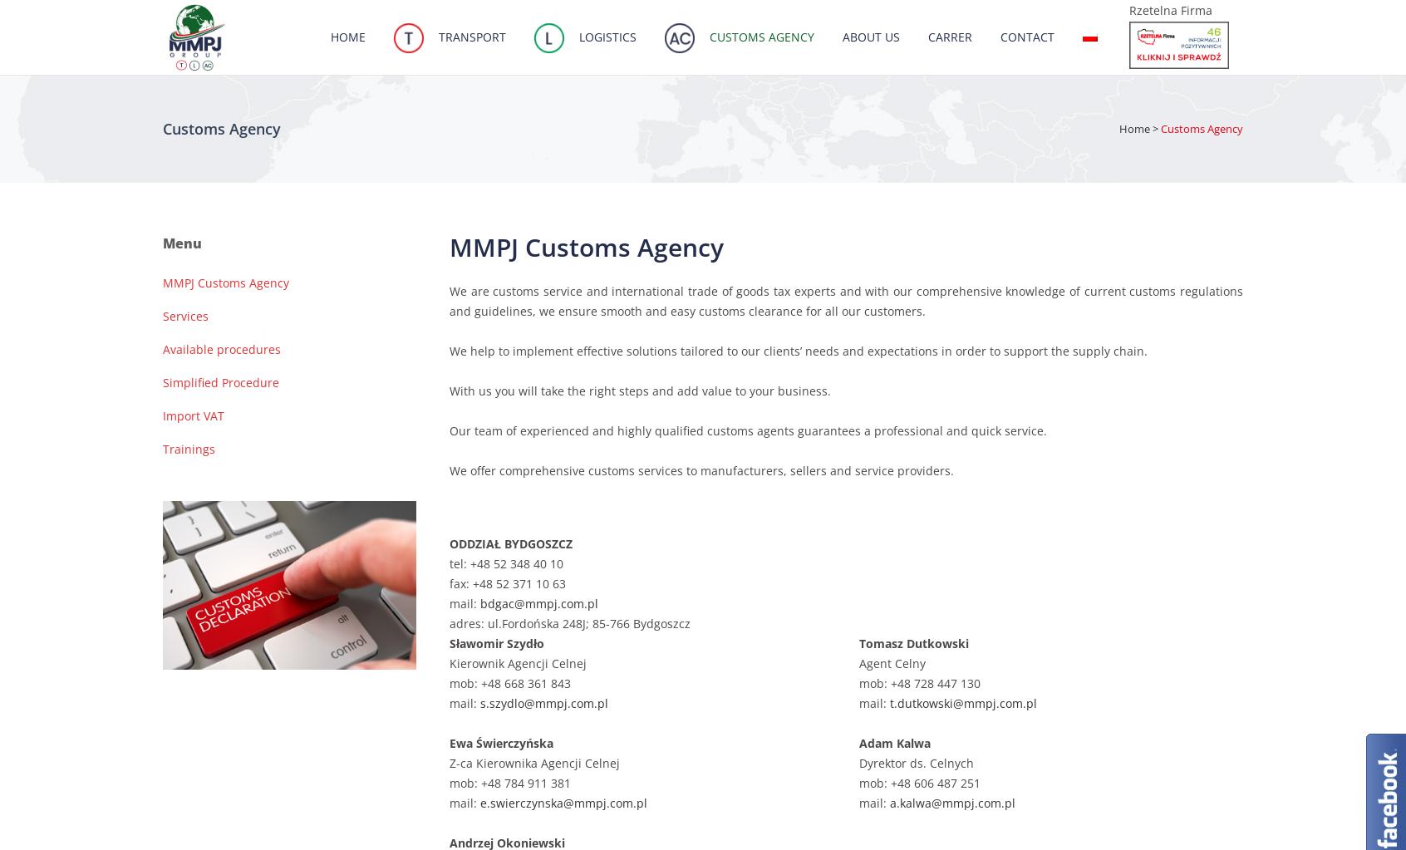 Image resolution: width=1406 pixels, height=850 pixels. Describe the element at coordinates (857, 782) in the screenshot. I see `'mob: +48 606 487 251'` at that location.